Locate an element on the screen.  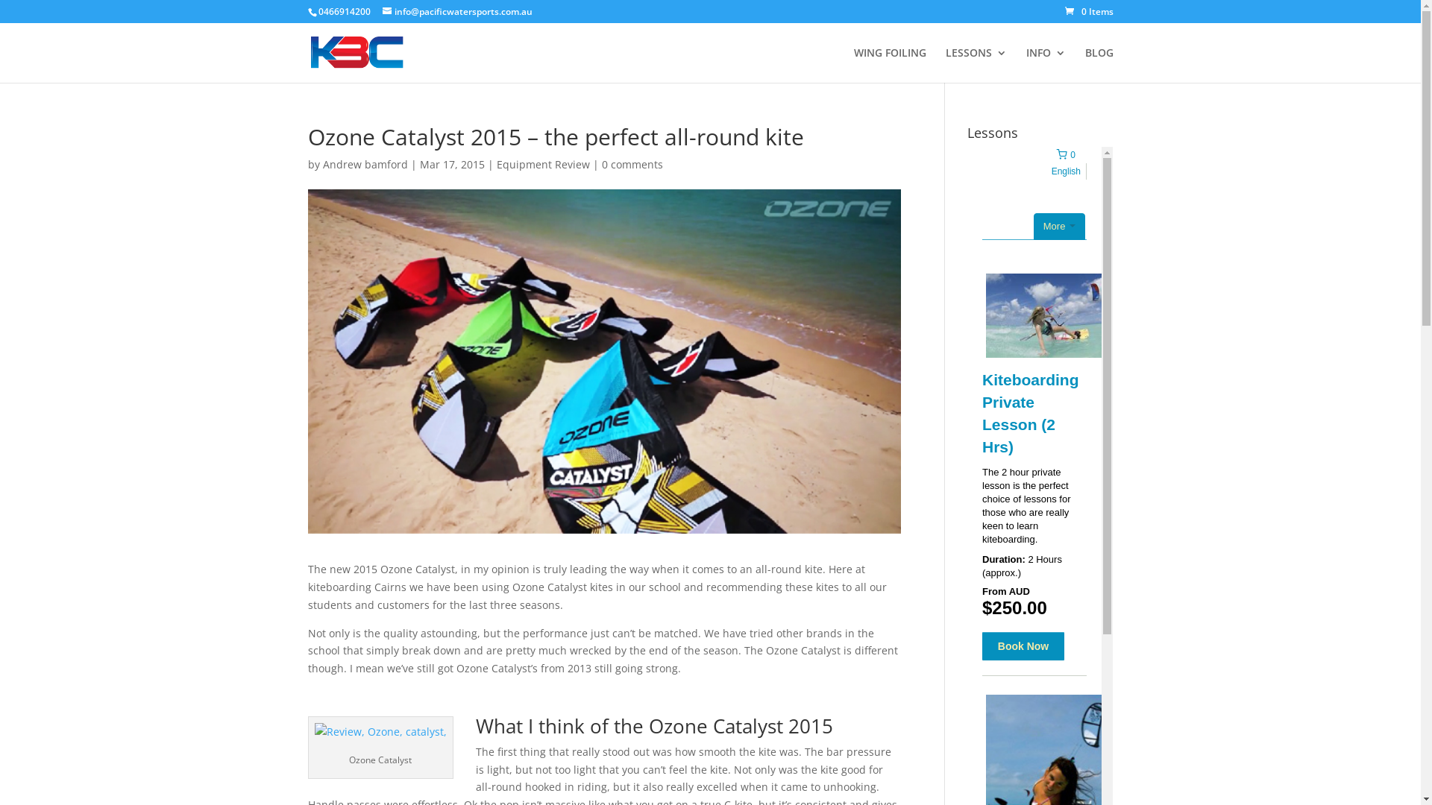
'0 Items' is located at coordinates (1089, 11).